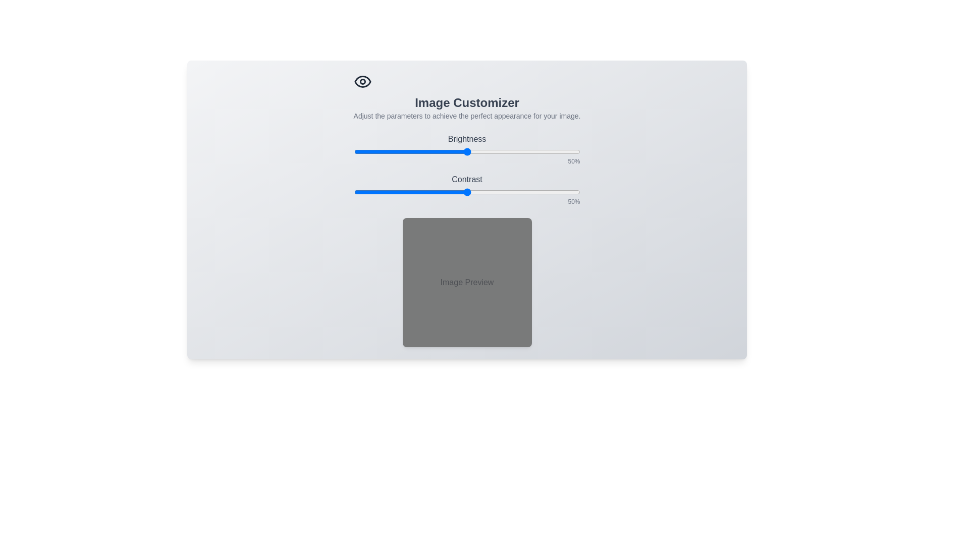 The width and height of the screenshot is (969, 545). Describe the element at coordinates (446, 192) in the screenshot. I see `the contrast slider to 41%` at that location.